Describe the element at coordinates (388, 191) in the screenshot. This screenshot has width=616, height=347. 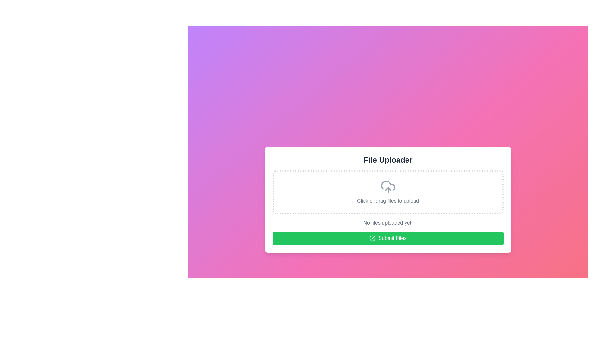
I see `and drop files over the File upload area, which is a rectangular zone with a dotted border, an upload icon, and the text 'Click or drag files` at that location.